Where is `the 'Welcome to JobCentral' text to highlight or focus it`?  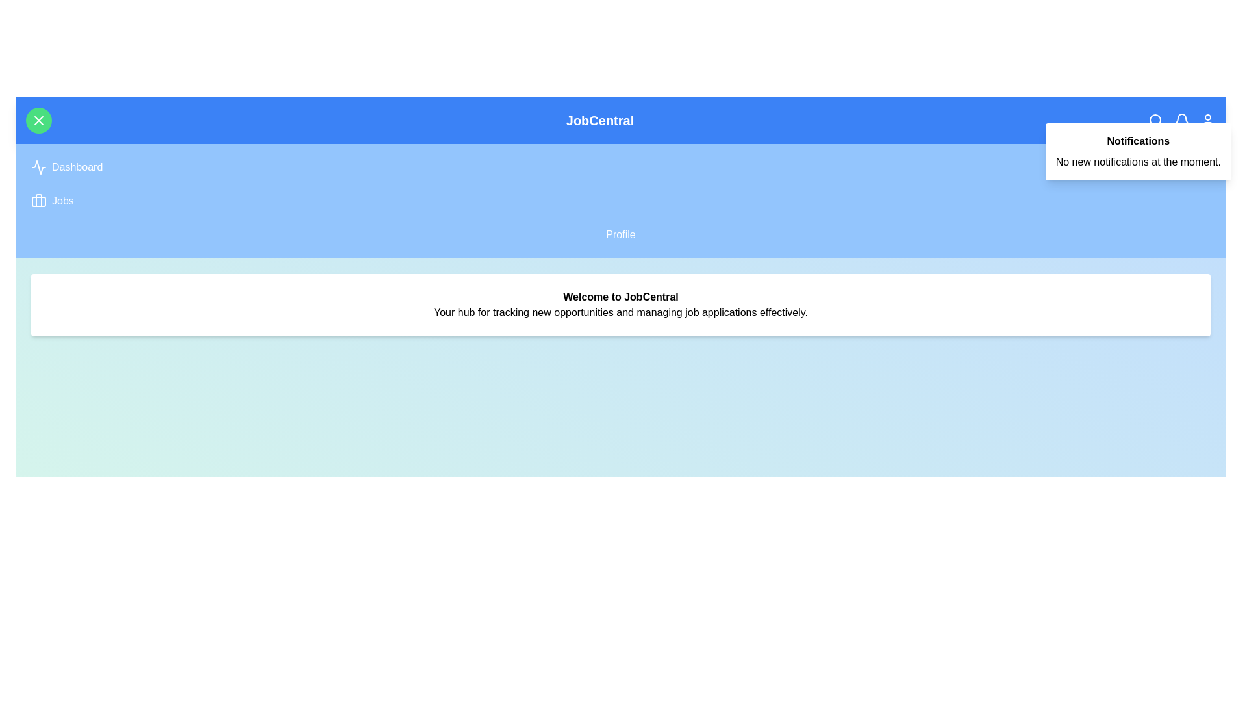
the 'Welcome to JobCentral' text to highlight or focus it is located at coordinates (620, 297).